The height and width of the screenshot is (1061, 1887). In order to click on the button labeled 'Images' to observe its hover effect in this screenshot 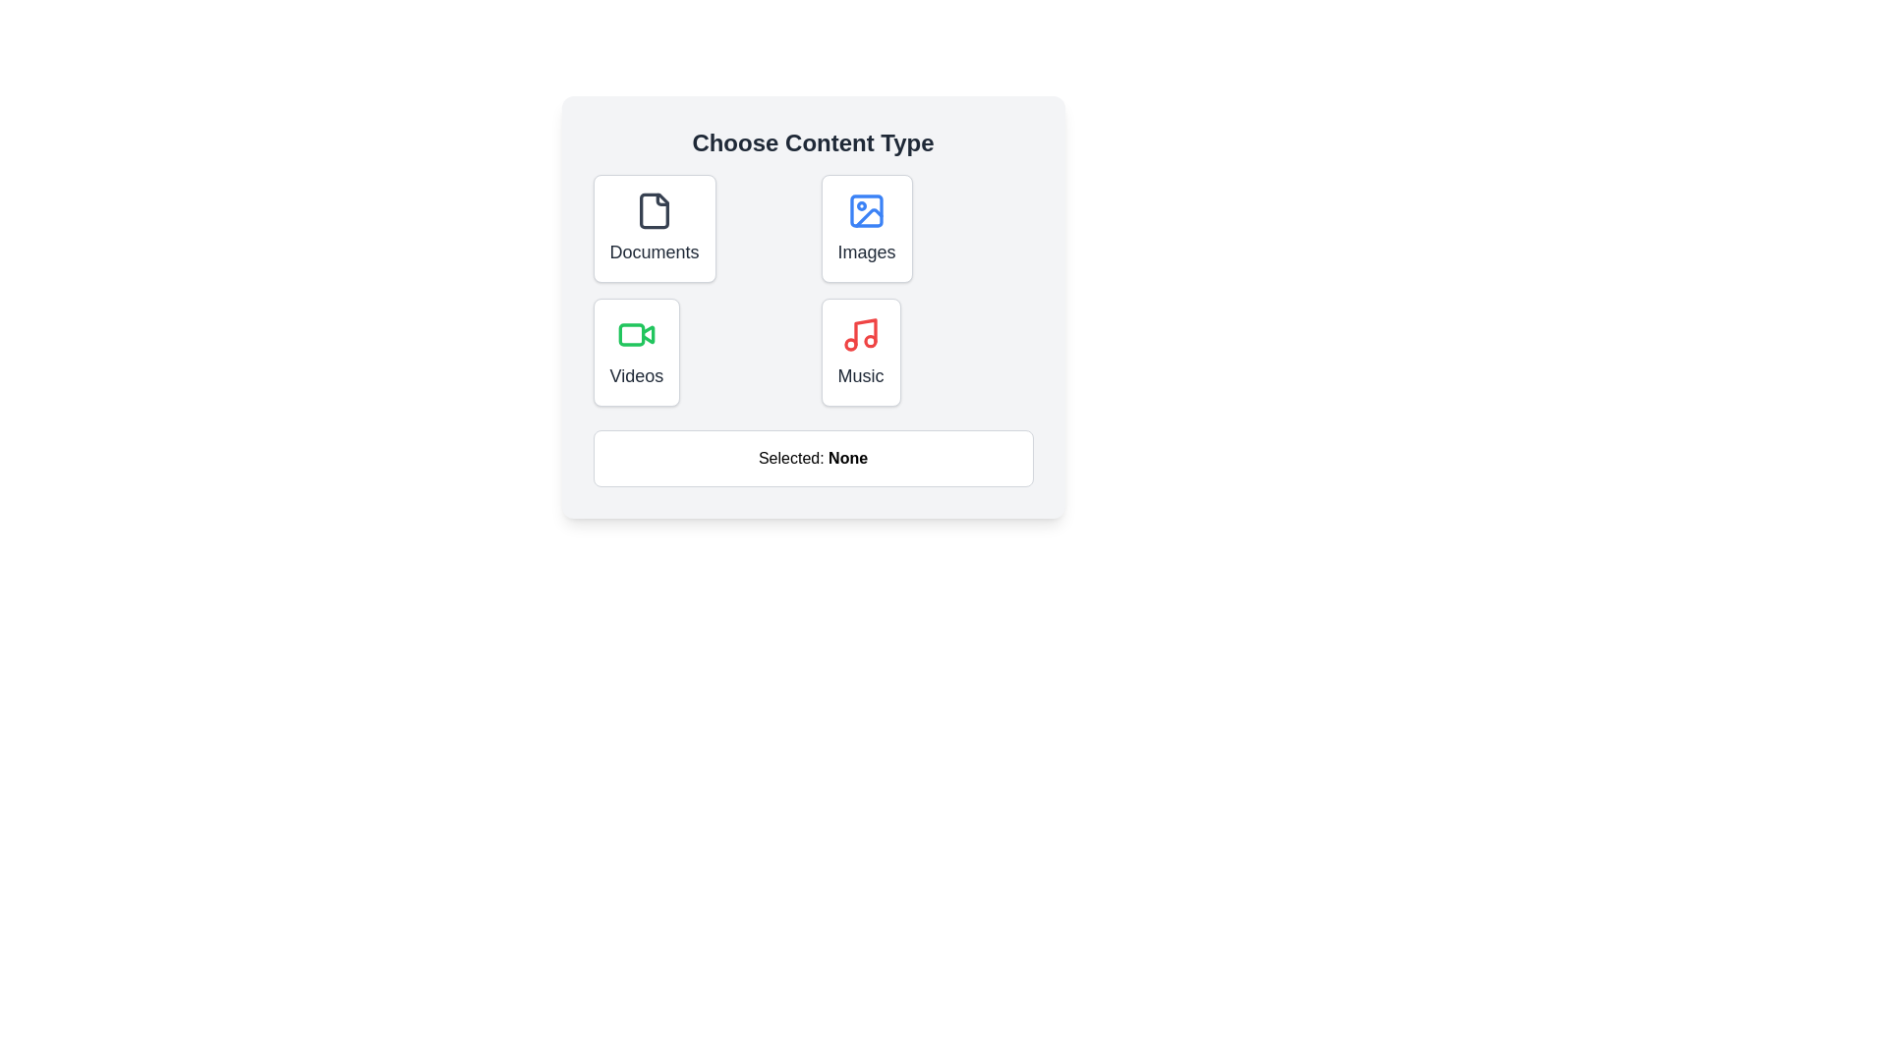, I will do `click(866, 227)`.